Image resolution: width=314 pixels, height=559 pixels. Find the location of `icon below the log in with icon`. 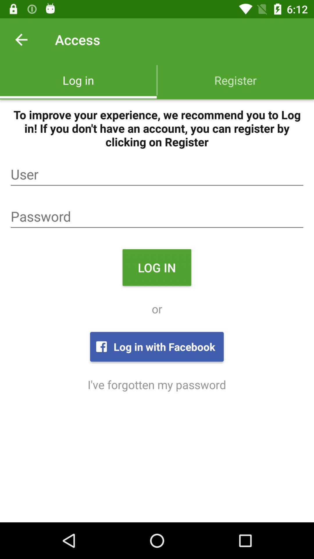

icon below the log in with icon is located at coordinates (156, 385).